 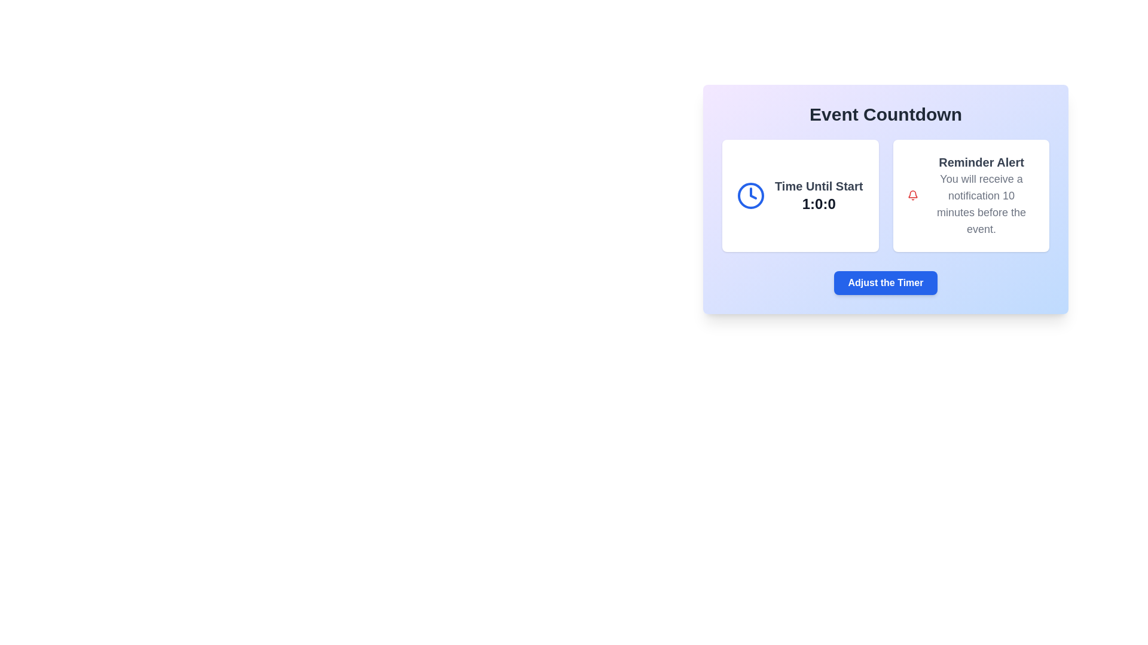 I want to click on value displayed in the 'Time Until Start' text display, which shows '1:0:0' in a prominent format, so click(x=818, y=195).